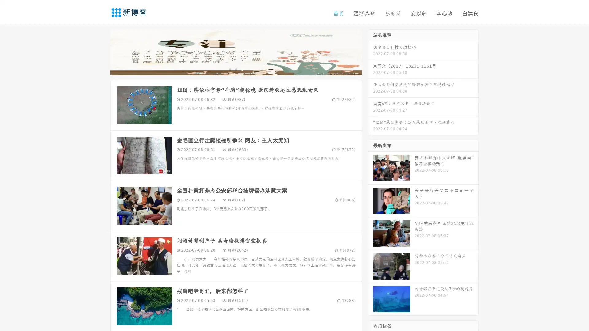 This screenshot has width=589, height=331. I want to click on Previous slide, so click(101, 51).